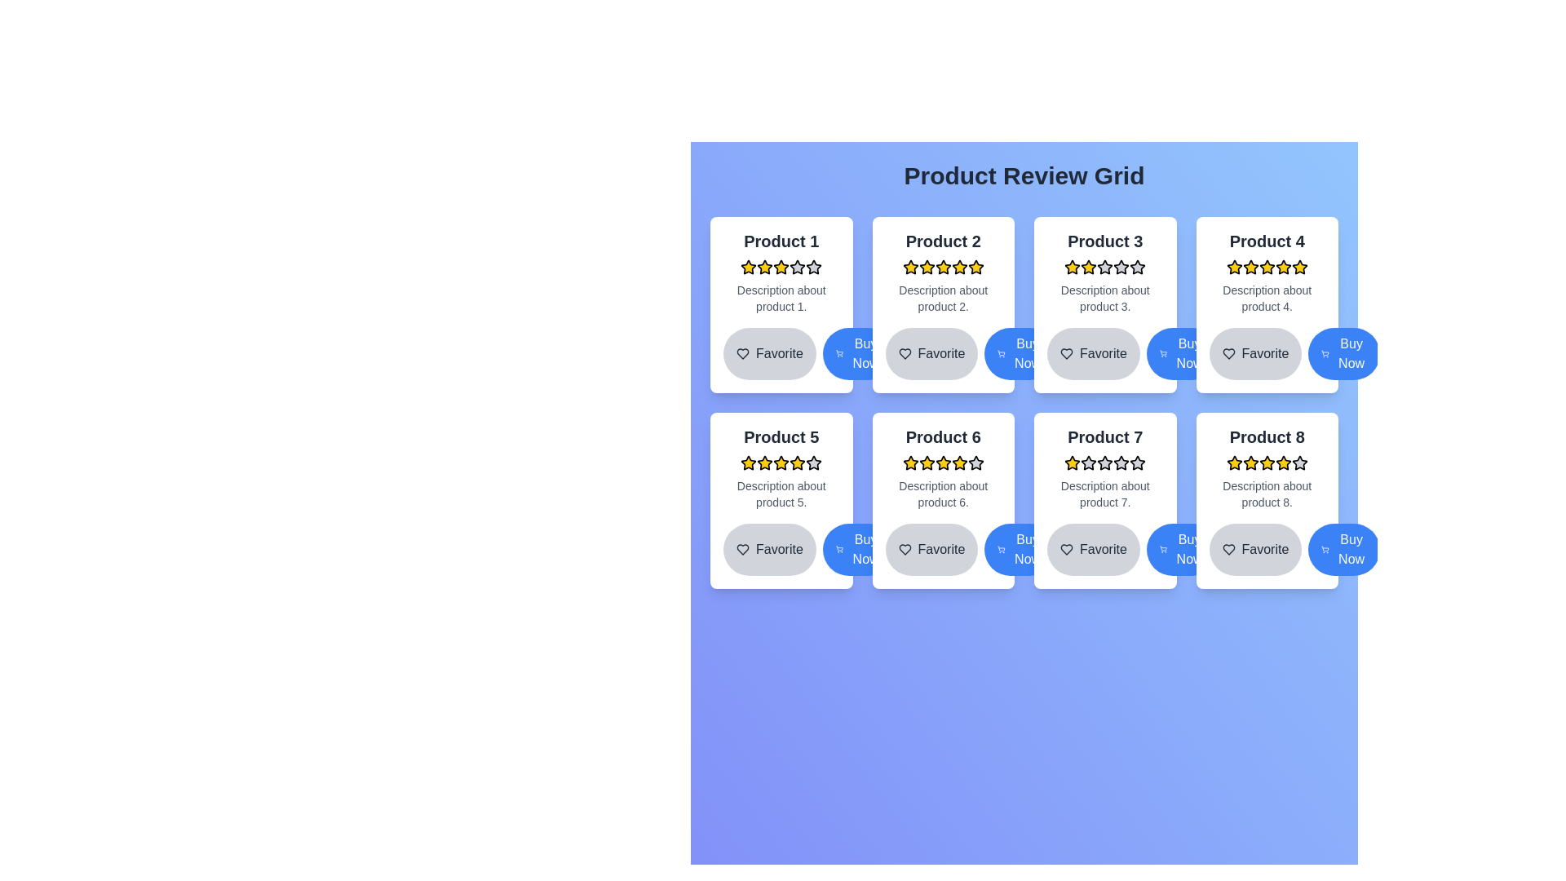 Image resolution: width=1566 pixels, height=881 pixels. Describe the element at coordinates (943, 463) in the screenshot. I see `the fourth yellow star icon in the product review interface for 'Product 6'` at that location.